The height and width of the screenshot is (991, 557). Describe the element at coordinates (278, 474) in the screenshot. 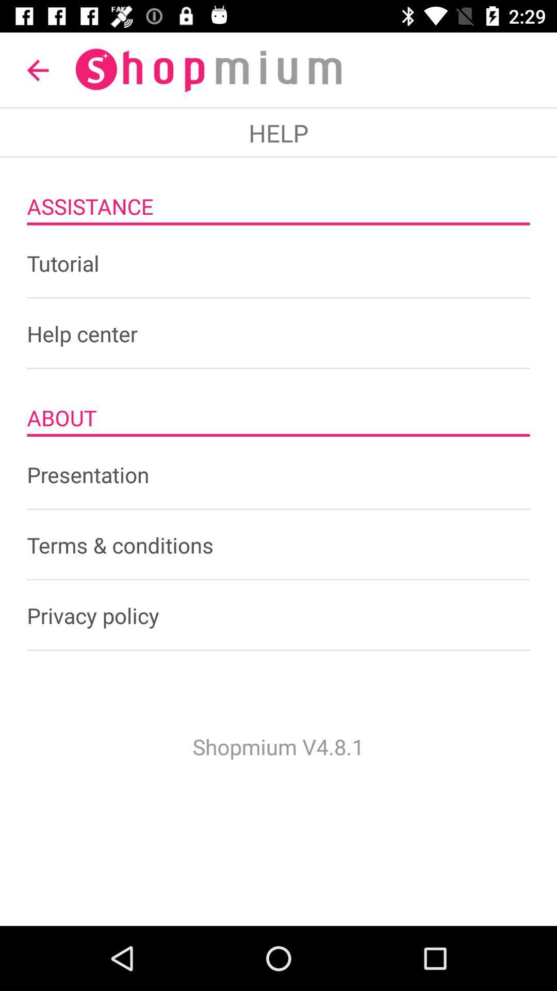

I see `presentation item` at that location.